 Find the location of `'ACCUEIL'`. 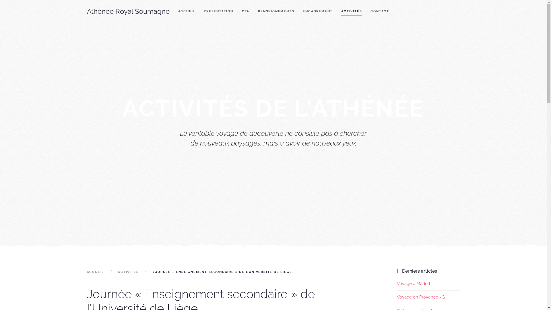

'ACCUEIL' is located at coordinates (86, 272).